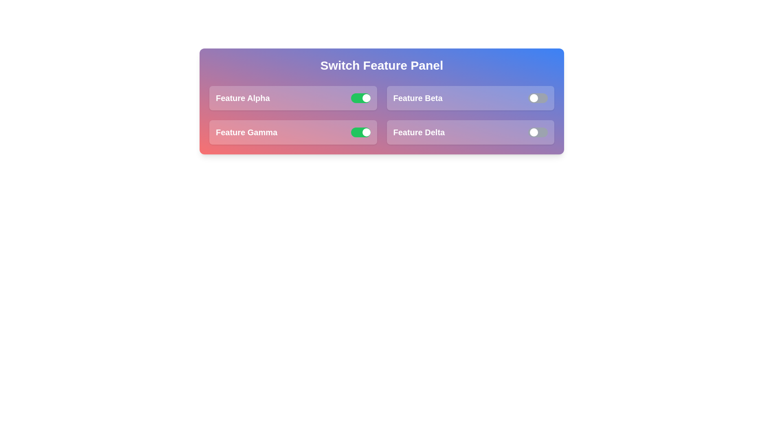  What do you see at coordinates (360, 132) in the screenshot?
I see `the switch for Feature Gamma` at bounding box center [360, 132].